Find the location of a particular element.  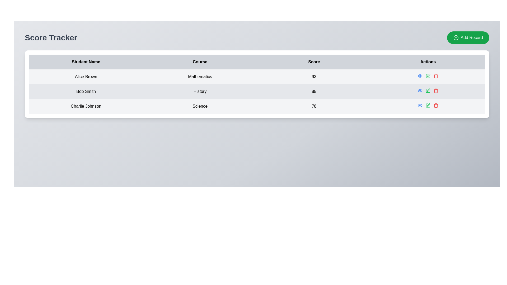

text label displaying '78' in bold font, located in the third row under the 'Score' column aligned with 'Charlie Johnson' in the 'Student Name' column is located at coordinates (314, 106).